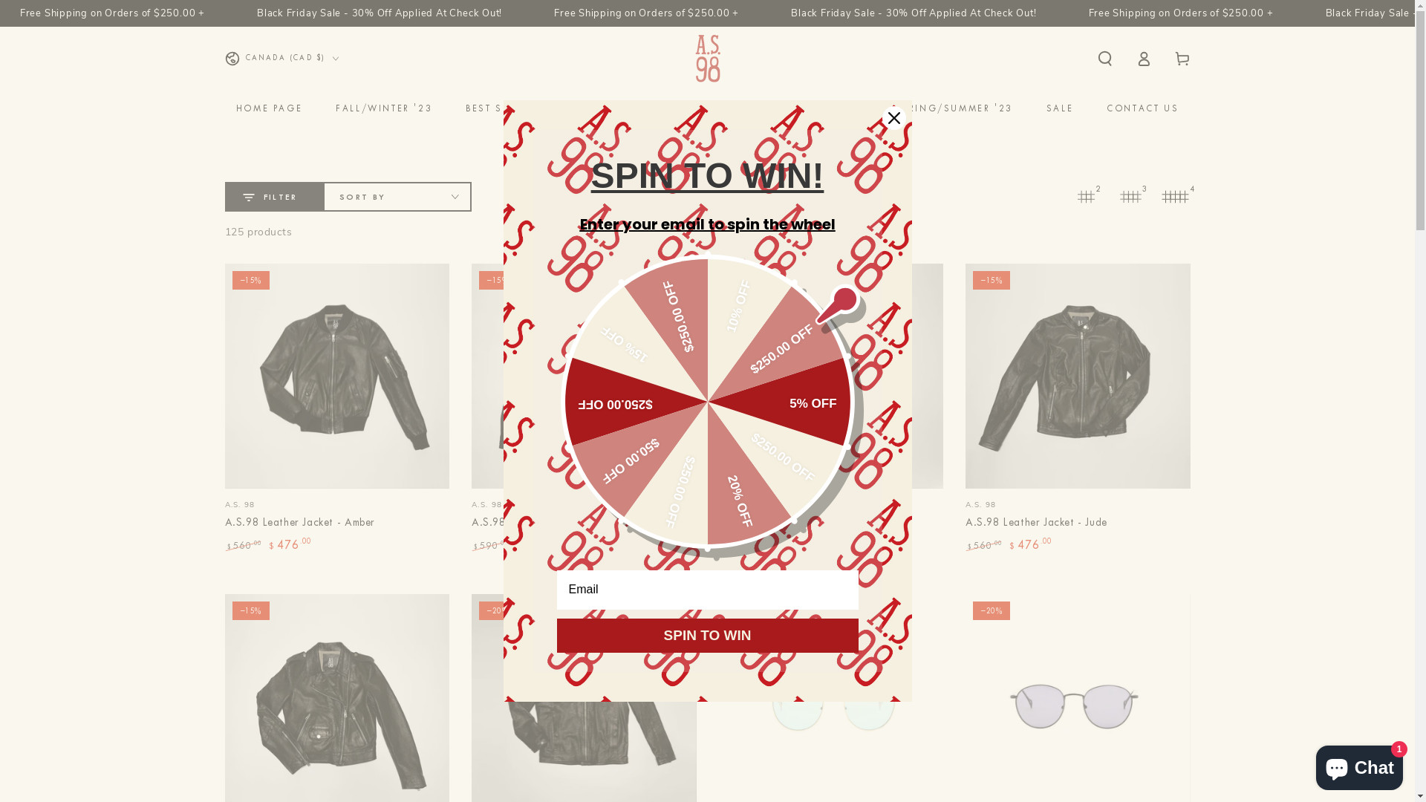 This screenshot has width=1426, height=802. Describe the element at coordinates (281, 57) in the screenshot. I see `'CANADA (CAD $)'` at that location.